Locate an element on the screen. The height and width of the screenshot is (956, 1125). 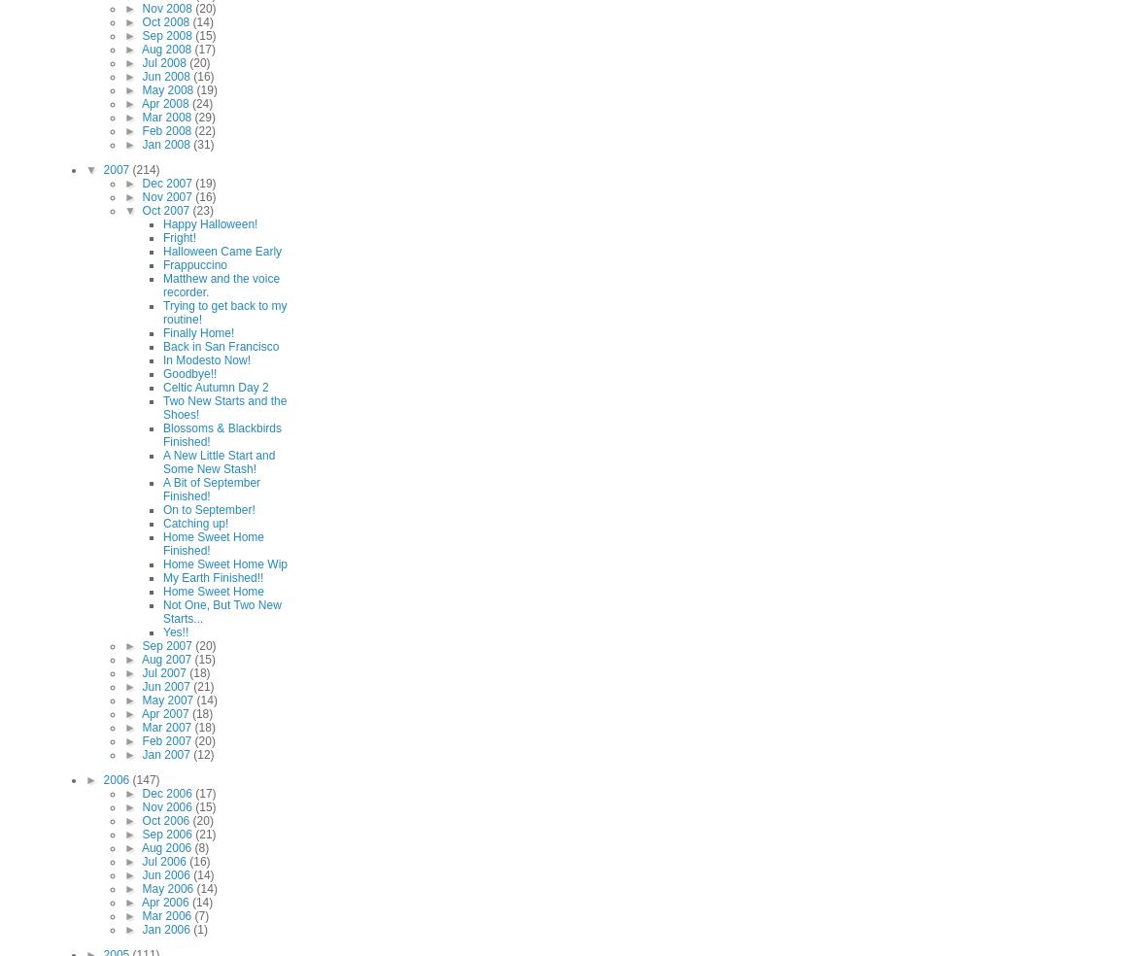
'Yes!!' is located at coordinates (162, 632).